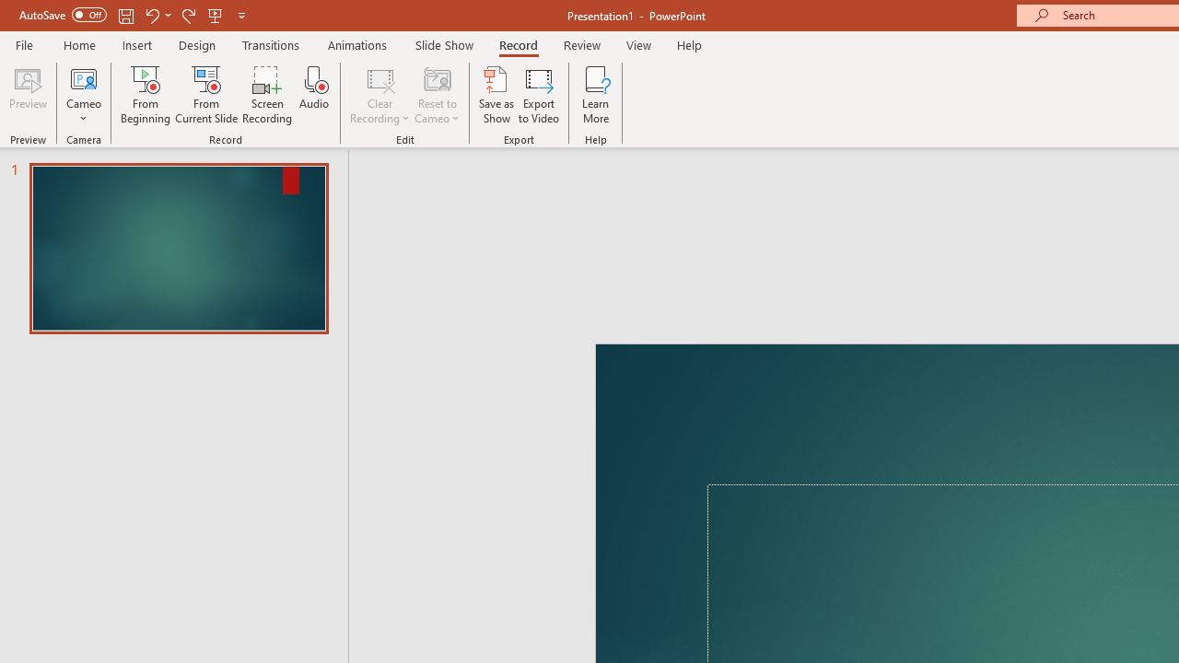 The width and height of the screenshot is (1179, 663). Describe the element at coordinates (496, 95) in the screenshot. I see `'Save as Show'` at that location.